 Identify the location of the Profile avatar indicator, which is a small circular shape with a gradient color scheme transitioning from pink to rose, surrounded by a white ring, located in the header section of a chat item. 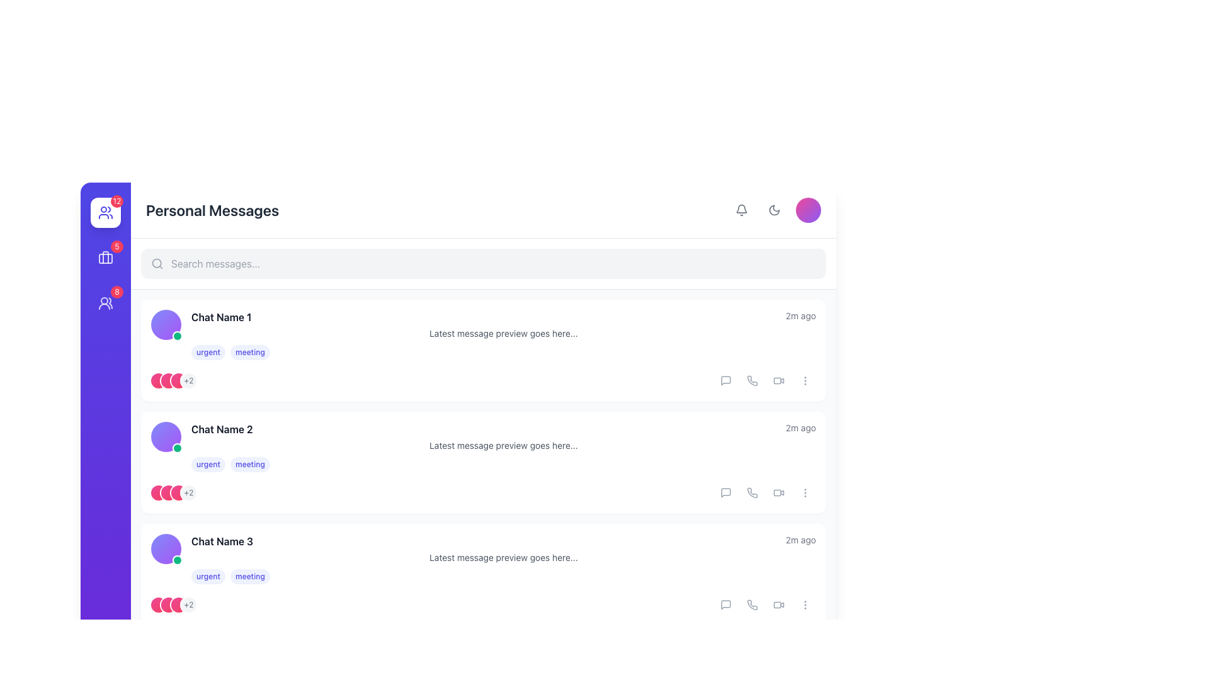
(178, 380).